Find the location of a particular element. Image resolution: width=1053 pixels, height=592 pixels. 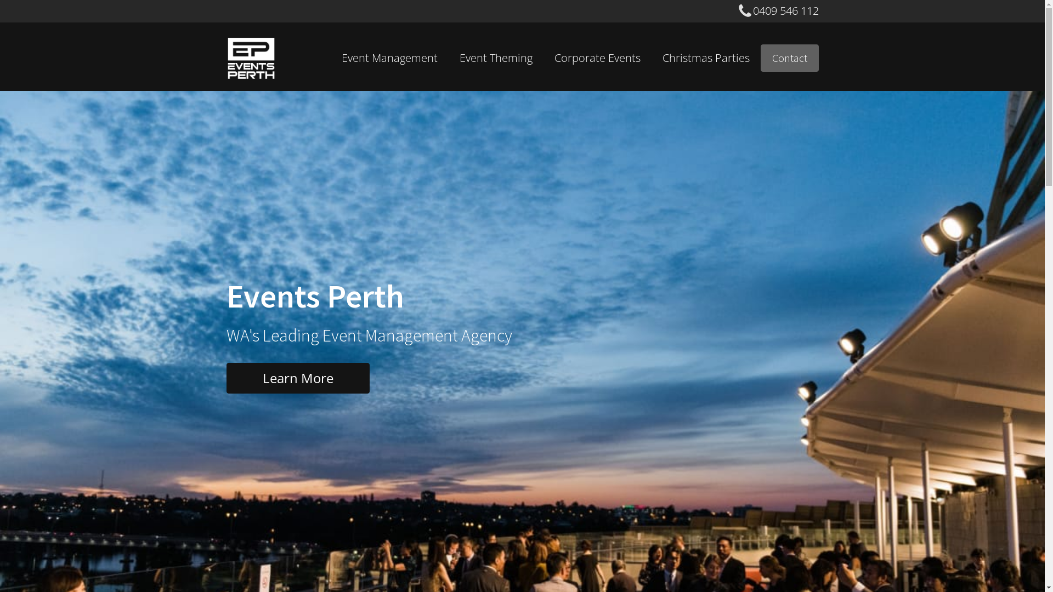

'Event Theming' is located at coordinates (495, 58).